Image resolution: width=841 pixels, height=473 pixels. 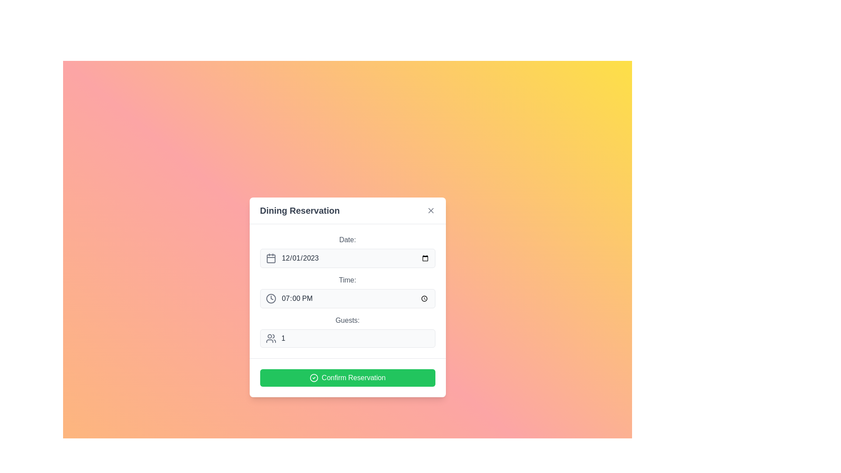 What do you see at coordinates (347, 331) in the screenshot?
I see `the number input field labeled 'Guests:' to focus on it` at bounding box center [347, 331].